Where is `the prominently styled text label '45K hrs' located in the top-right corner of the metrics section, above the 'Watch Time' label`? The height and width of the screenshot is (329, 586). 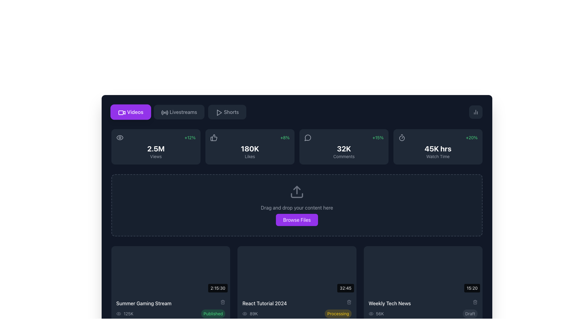 the prominently styled text label '45K hrs' located in the top-right corner of the metrics section, above the 'Watch Time' label is located at coordinates (438, 149).